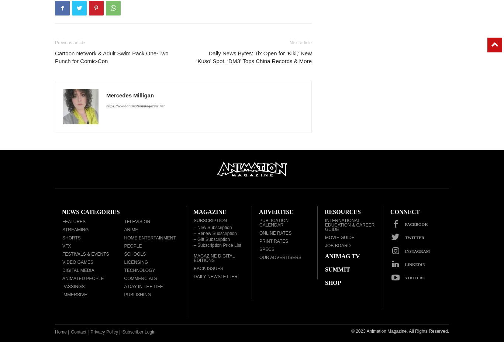  I want to click on 'Contact', so click(78, 332).